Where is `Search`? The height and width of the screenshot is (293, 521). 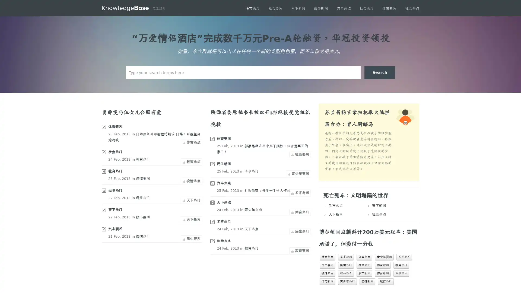 Search is located at coordinates (380, 72).